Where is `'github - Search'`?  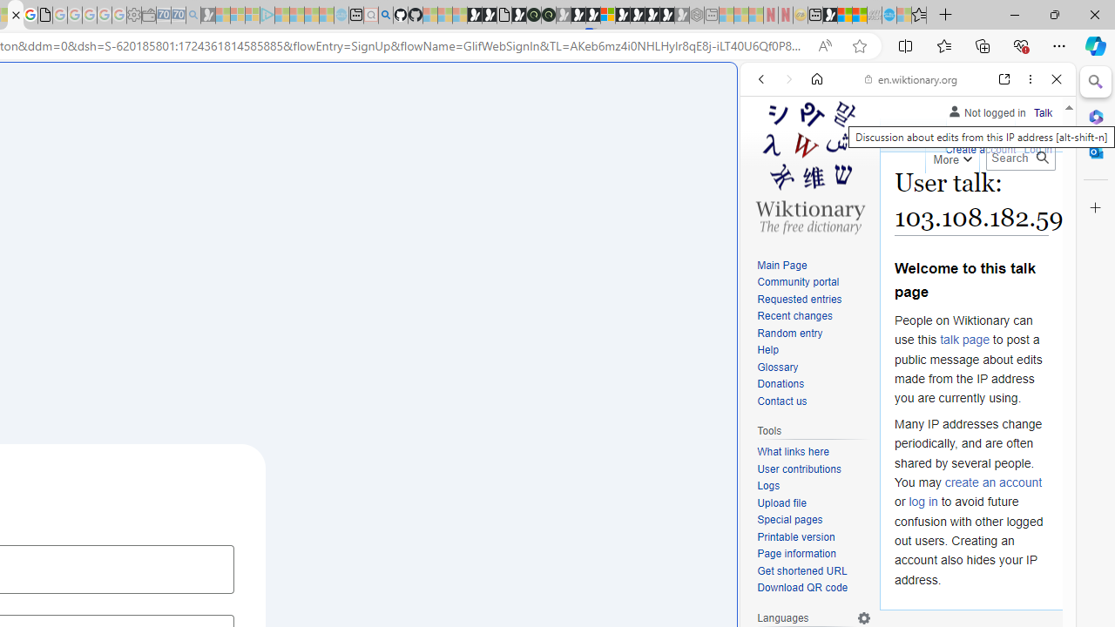 'github - Search' is located at coordinates (384, 15).